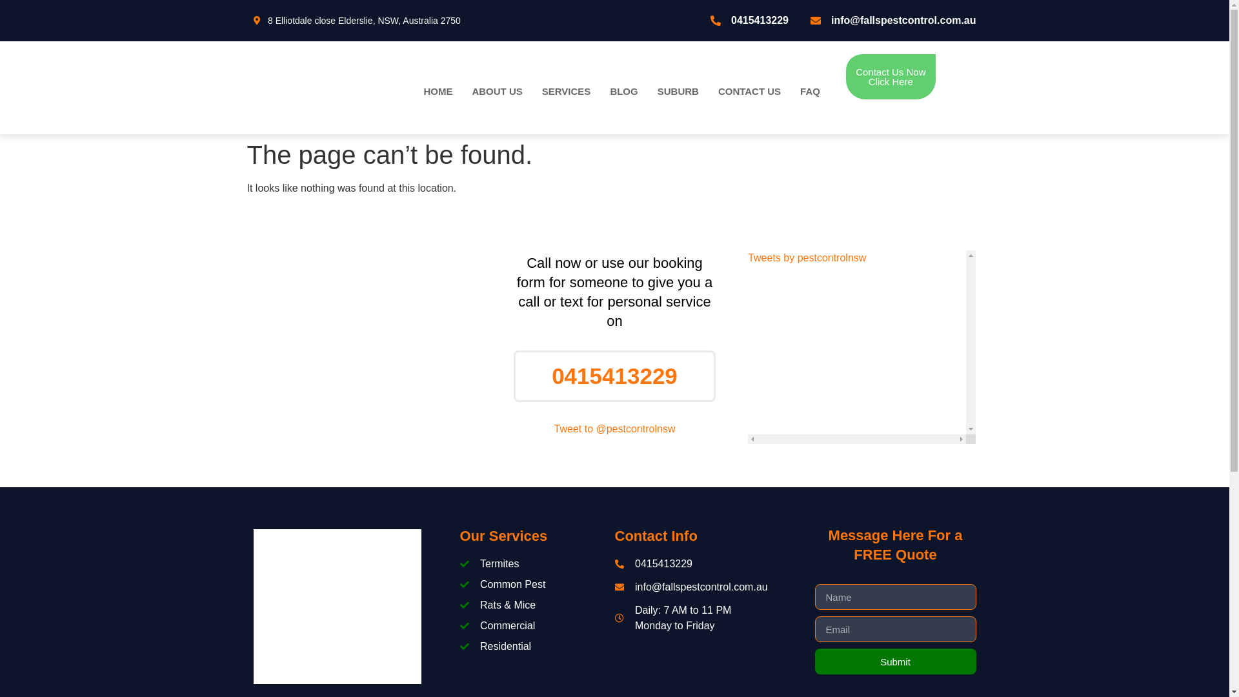 The height and width of the screenshot is (697, 1239). Describe the element at coordinates (438, 90) in the screenshot. I see `'HOME'` at that location.